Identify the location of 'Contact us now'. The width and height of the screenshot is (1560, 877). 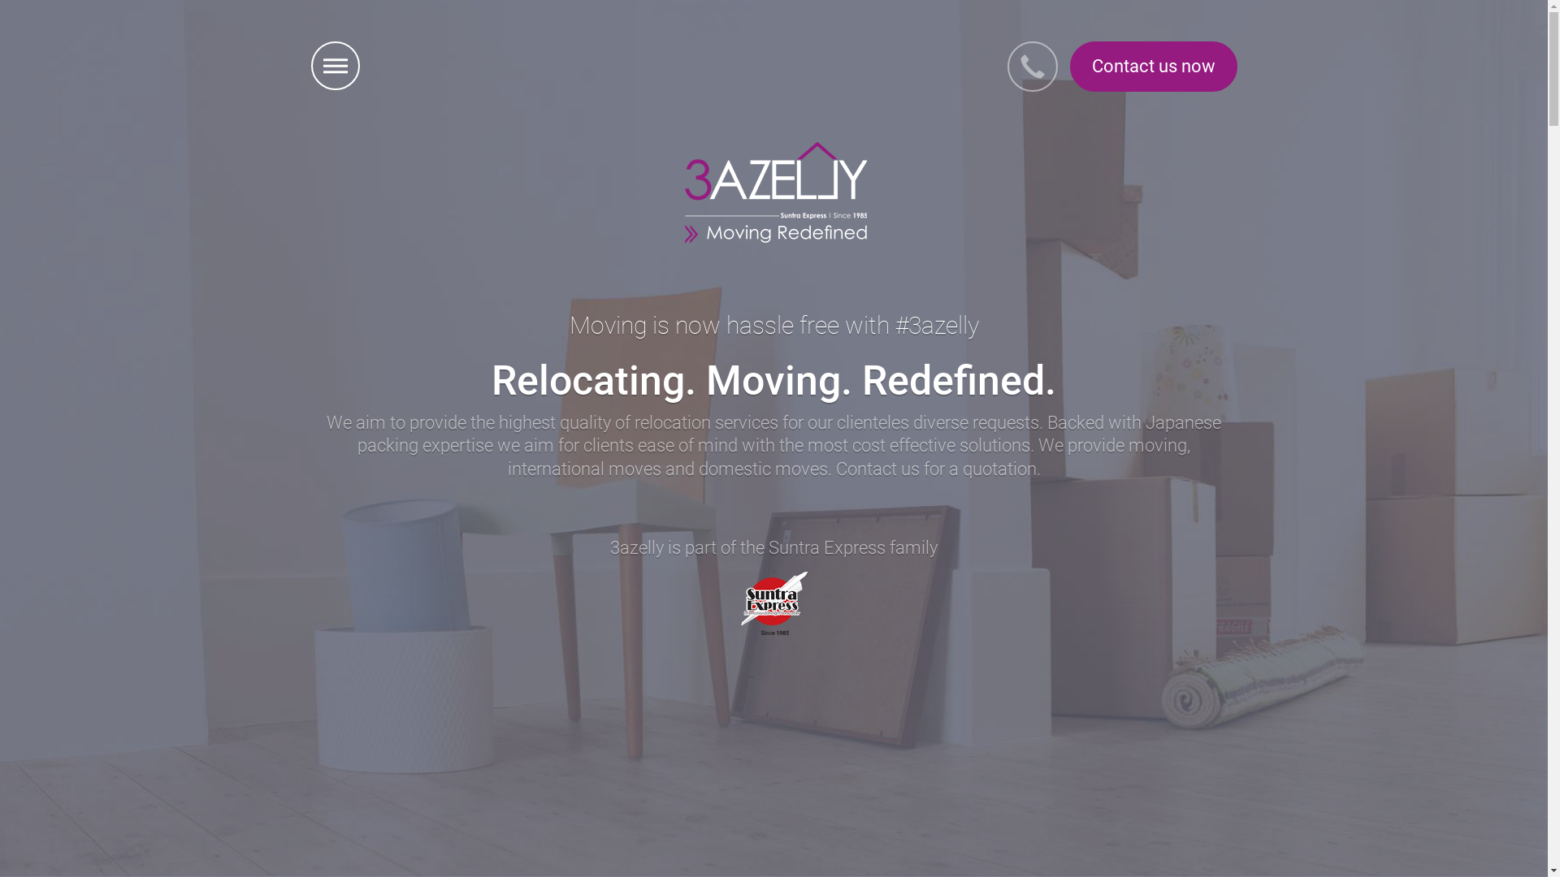
(1152, 65).